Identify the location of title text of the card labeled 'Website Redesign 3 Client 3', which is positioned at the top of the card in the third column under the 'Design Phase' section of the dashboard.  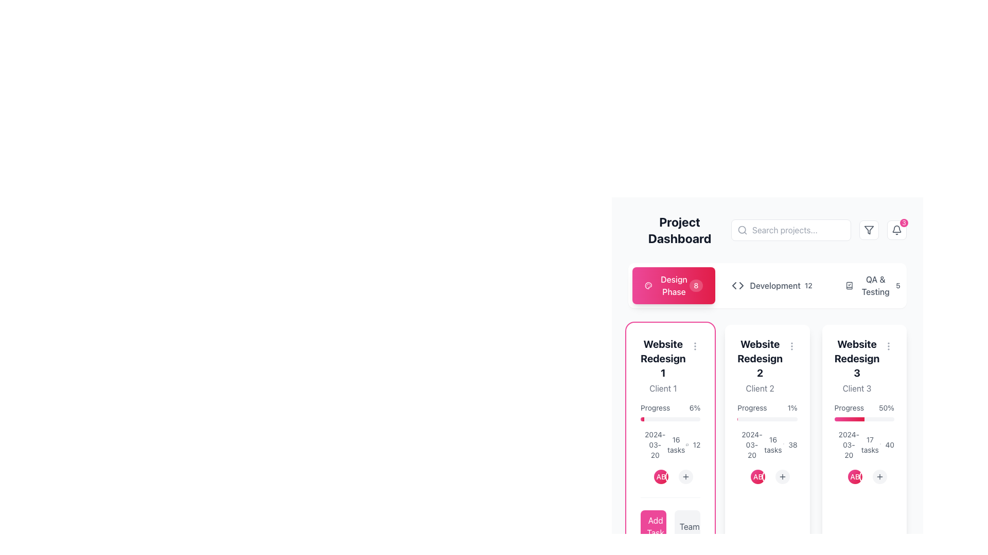
(857, 358).